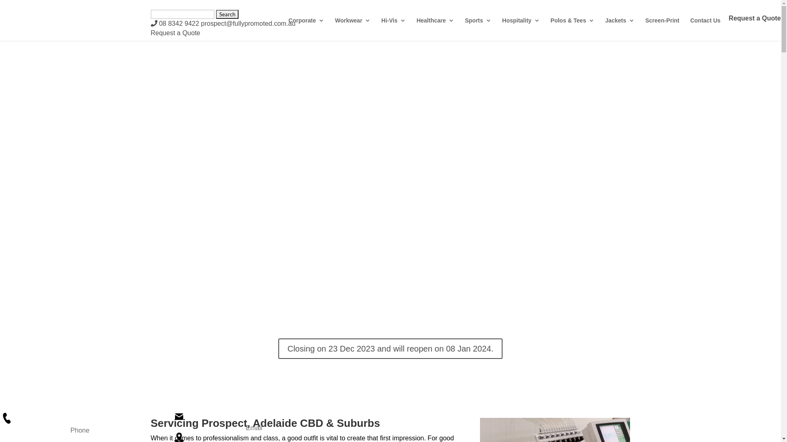 Image resolution: width=787 pixels, height=442 pixels. I want to click on 'Request a Quote', so click(175, 32).